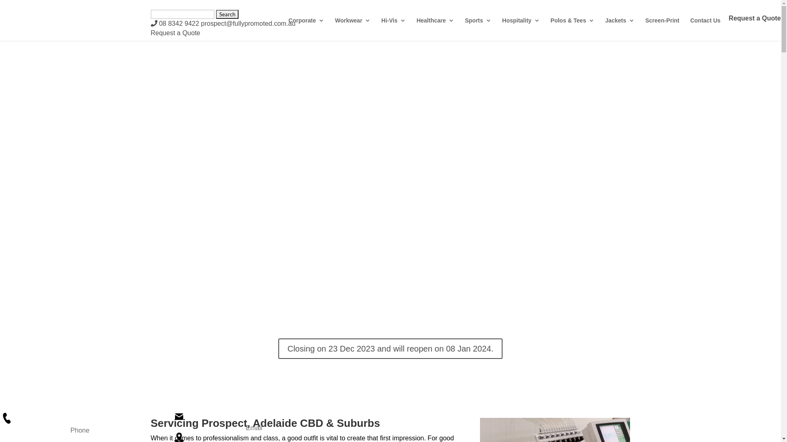 Image resolution: width=787 pixels, height=442 pixels. I want to click on 'Request a Quote', so click(175, 32).